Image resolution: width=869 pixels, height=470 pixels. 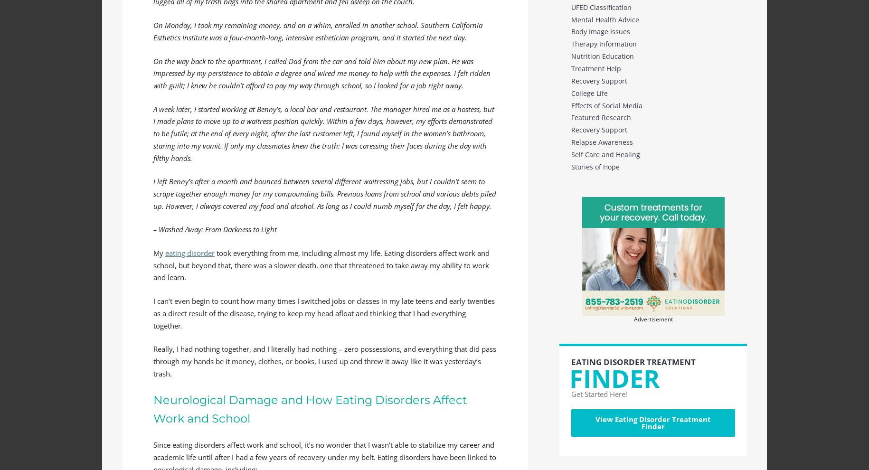 What do you see at coordinates (653, 319) in the screenshot?
I see `'Advertisement'` at bounding box center [653, 319].